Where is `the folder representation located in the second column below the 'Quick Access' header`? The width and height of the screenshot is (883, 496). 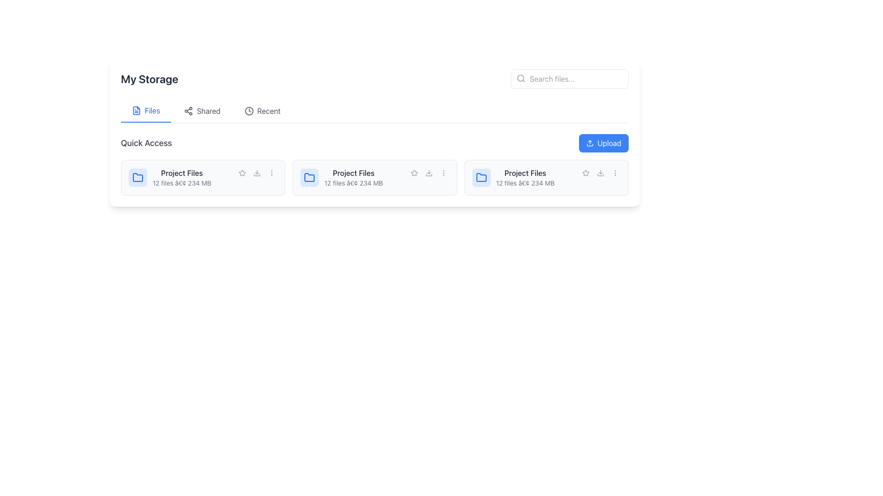 the folder representation located in the second column below the 'Quick Access' header is located at coordinates (513, 177).